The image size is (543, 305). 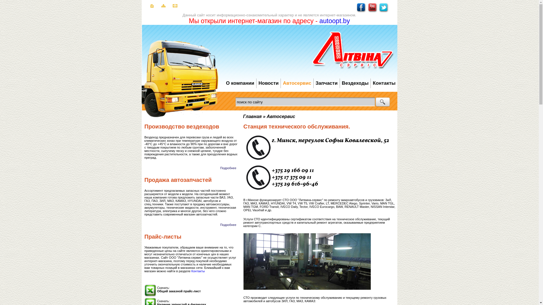 I want to click on 'autoopt.by', so click(x=334, y=20).